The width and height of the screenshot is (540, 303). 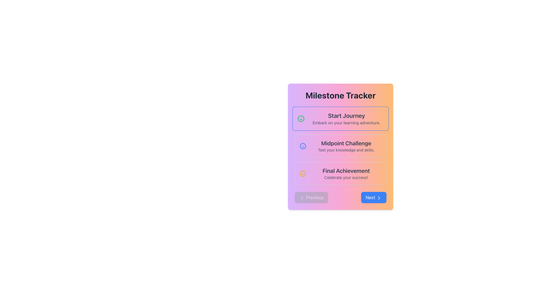 I want to click on the informational card displaying the milestone 'Final Achievement', which is located in the Milestone Tracker section, below 'Midpoint Challenge' and above the 'Next' button, so click(x=346, y=173).